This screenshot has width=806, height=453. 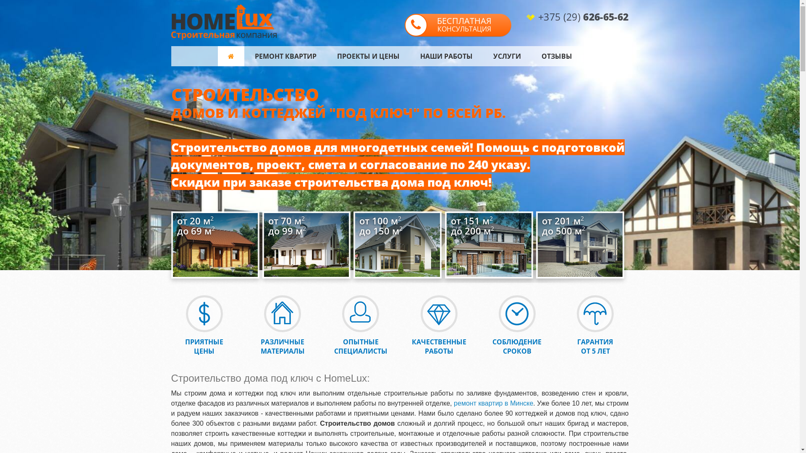 What do you see at coordinates (583, 16) in the screenshot?
I see `'+375 (29) 626-65-62'` at bounding box center [583, 16].